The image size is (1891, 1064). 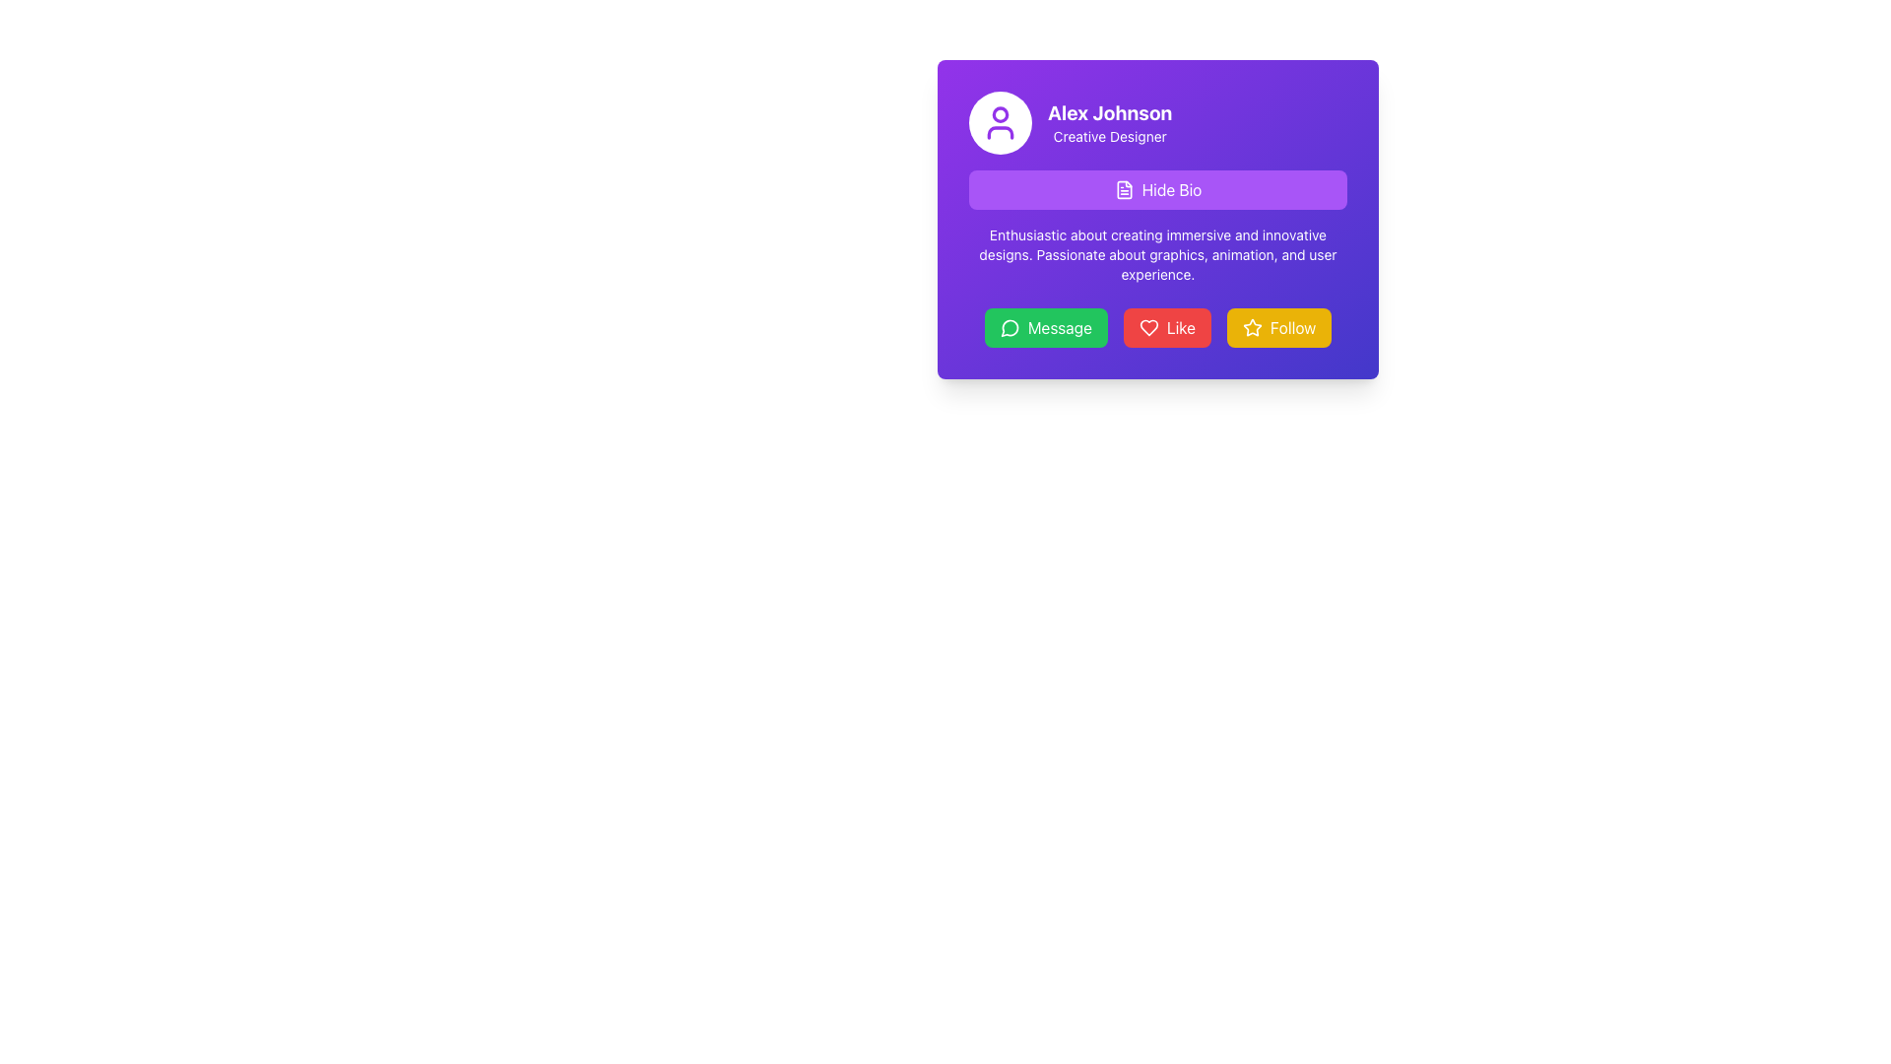 I want to click on the static text displaying 'Creative Designer', which is styled in white against a purple background and located directly below 'Alex Johnson', so click(x=1110, y=135).